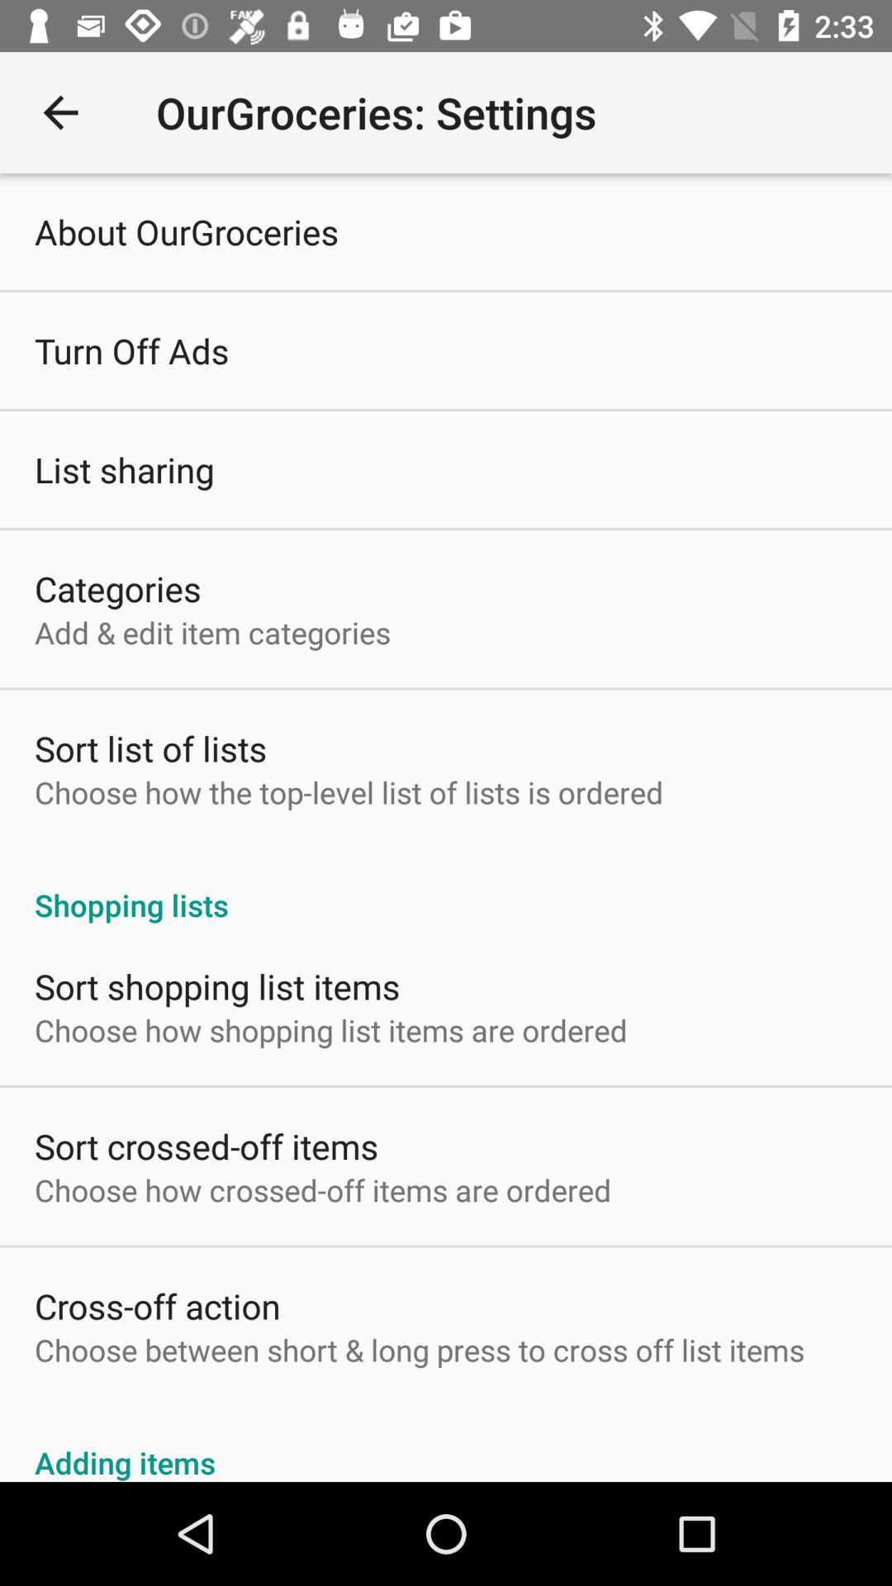 The height and width of the screenshot is (1586, 892). Describe the element at coordinates (211, 631) in the screenshot. I see `add edit item item` at that location.